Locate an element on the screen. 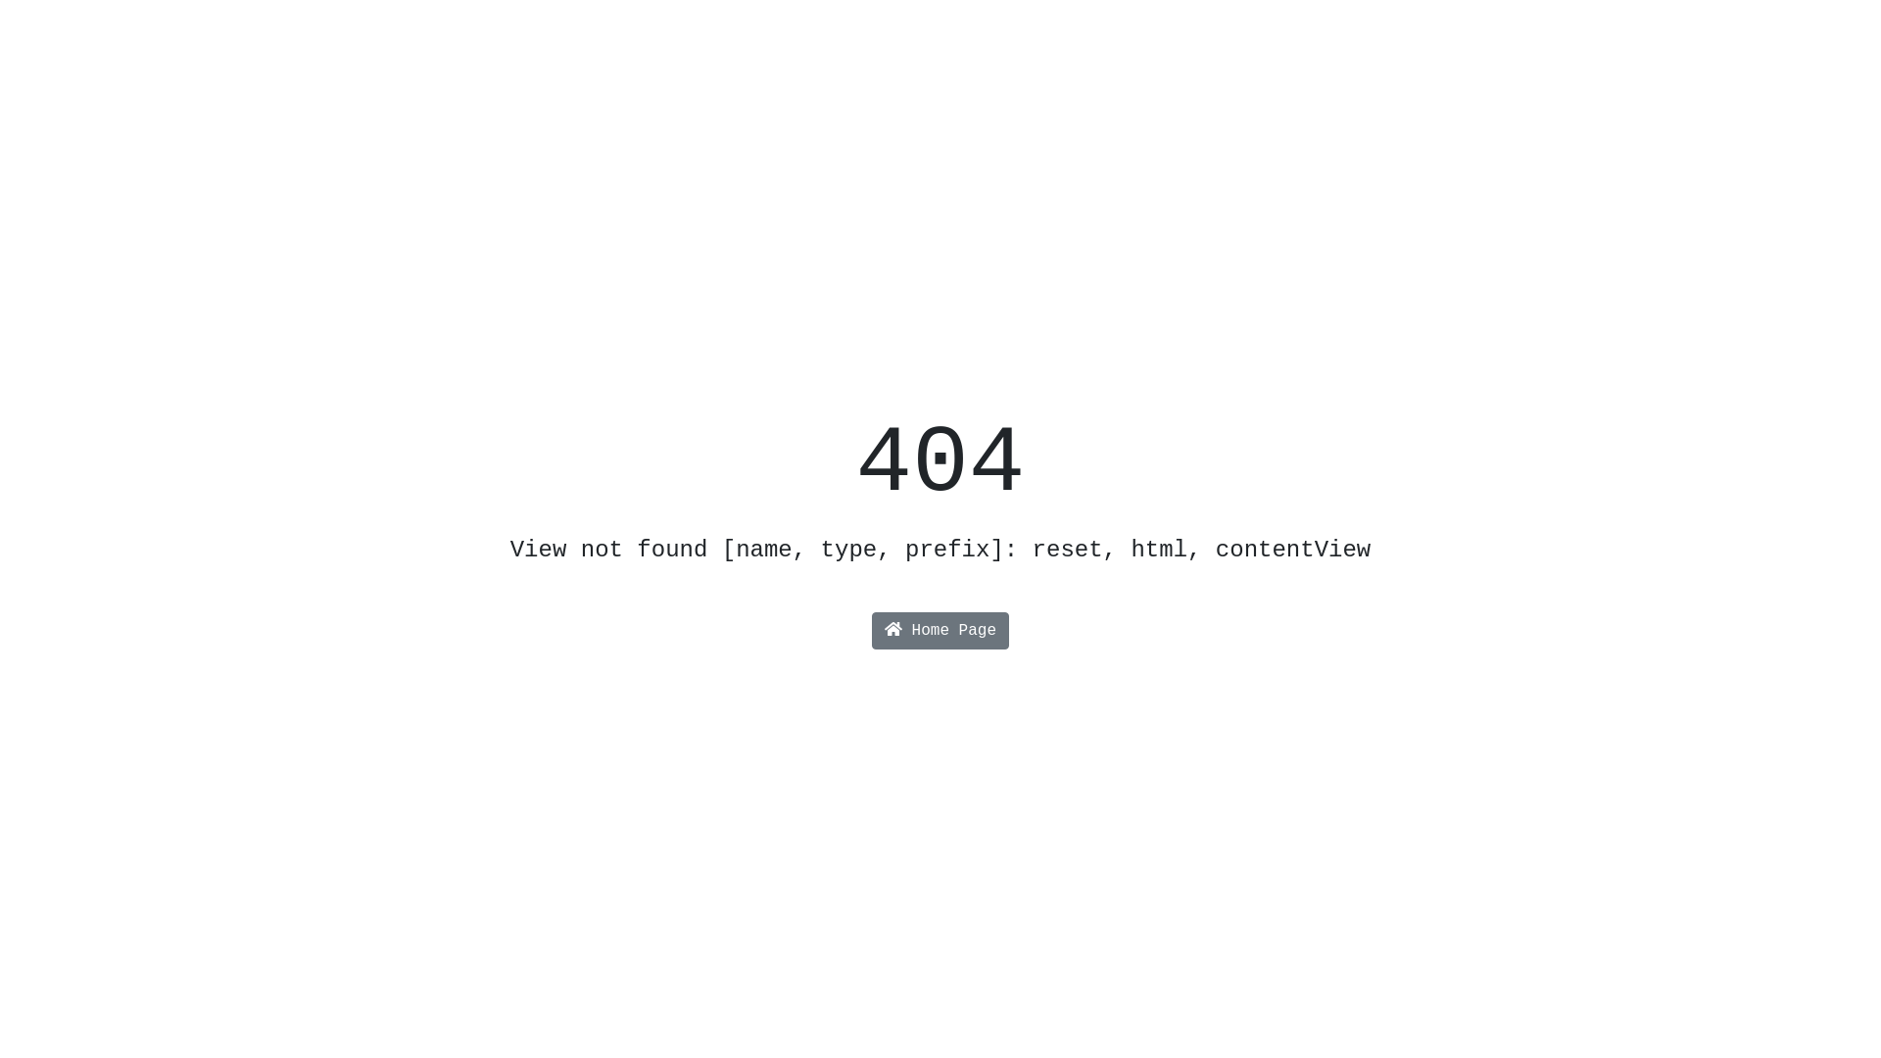 This screenshot has height=1058, width=1881. 'Home Page' is located at coordinates (940, 631).